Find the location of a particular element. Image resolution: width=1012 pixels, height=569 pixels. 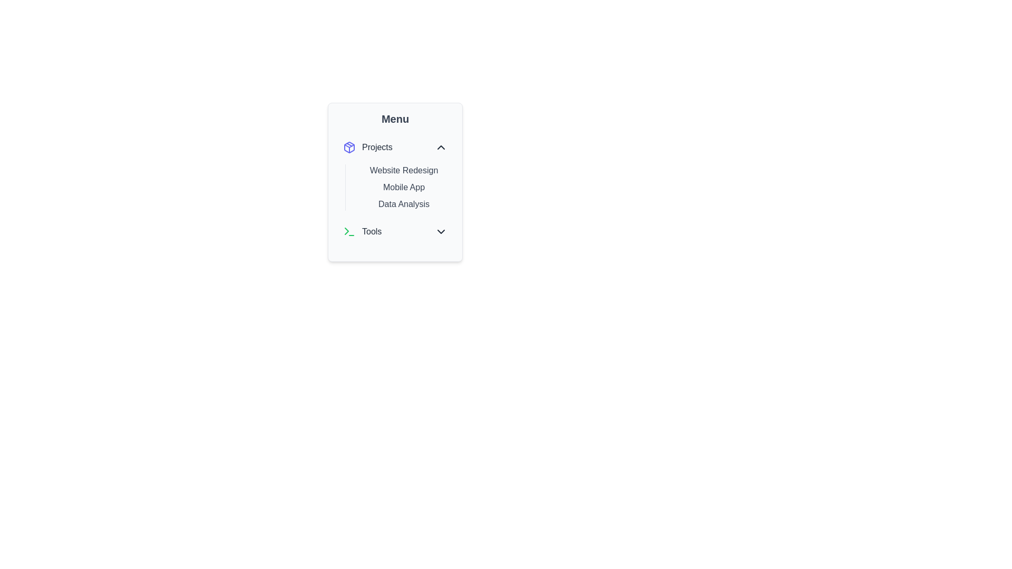

the 'Mobile App' text label, which is the second item in a vertically aligned list is located at coordinates (403, 187).